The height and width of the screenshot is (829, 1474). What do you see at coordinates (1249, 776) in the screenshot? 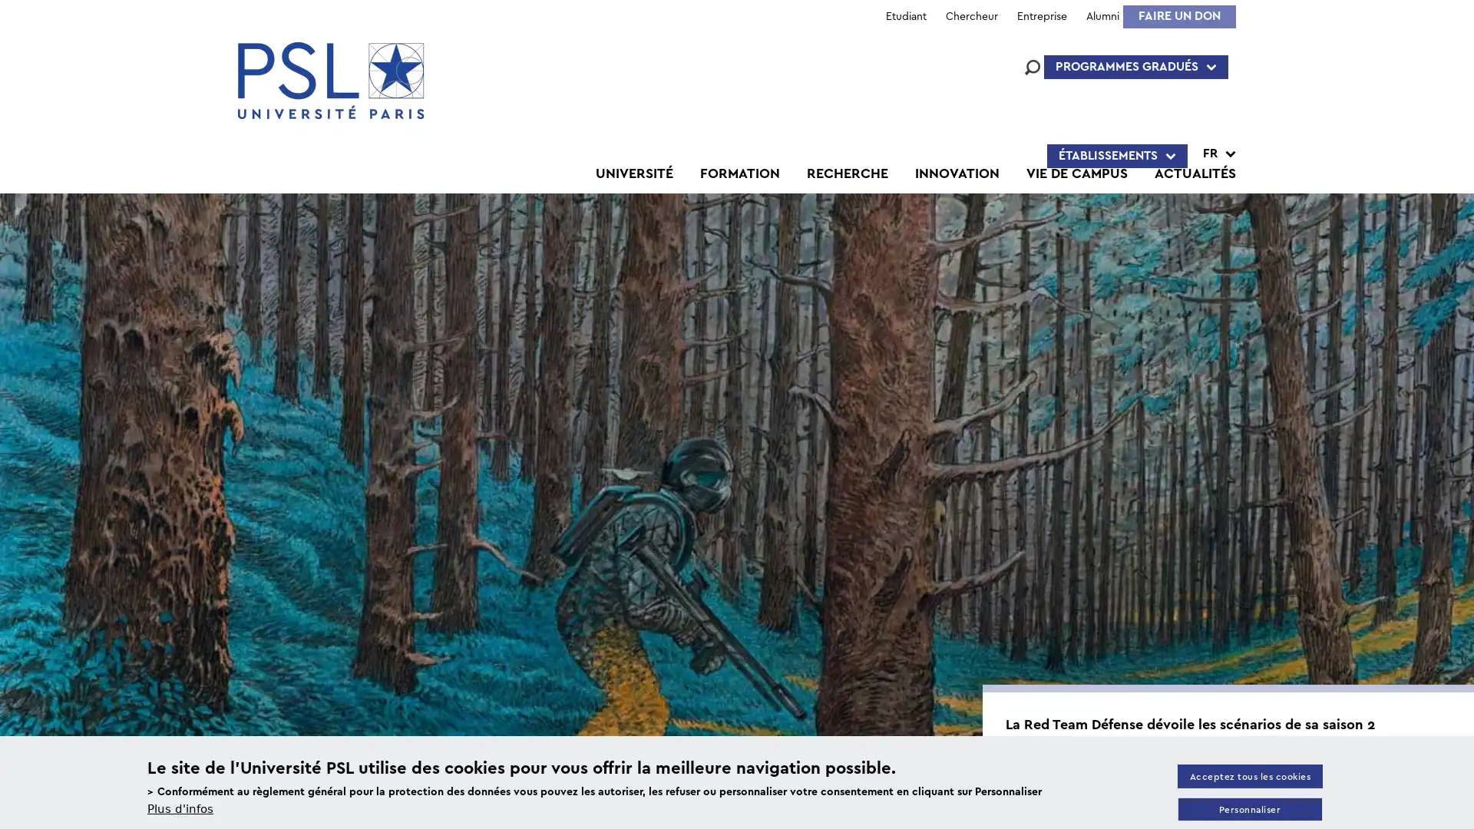
I see `Acceptez tous les cookies` at bounding box center [1249, 776].